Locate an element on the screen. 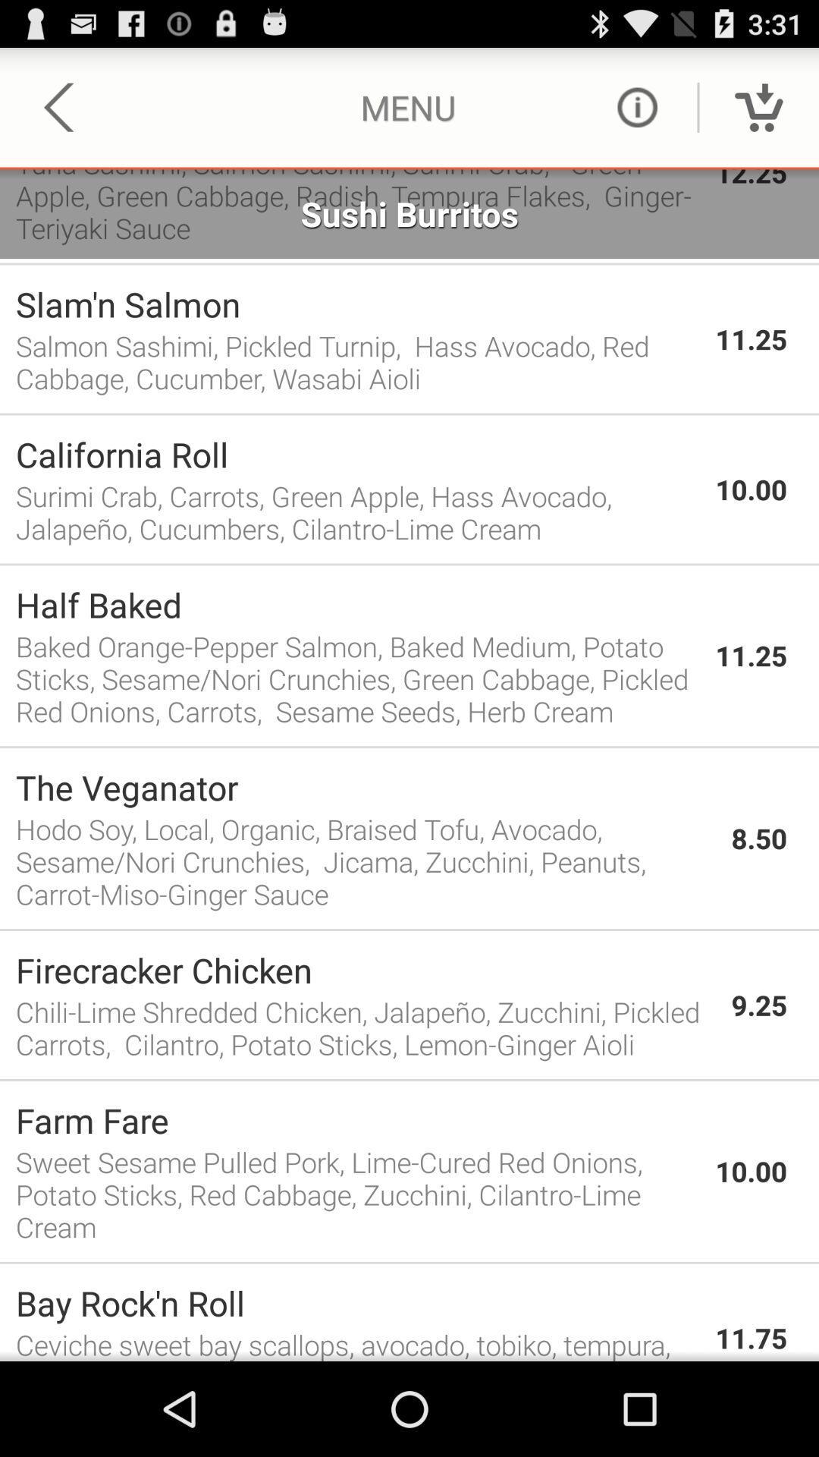 This screenshot has width=819, height=1457. app below the chili lime shredded is located at coordinates (409, 1079).